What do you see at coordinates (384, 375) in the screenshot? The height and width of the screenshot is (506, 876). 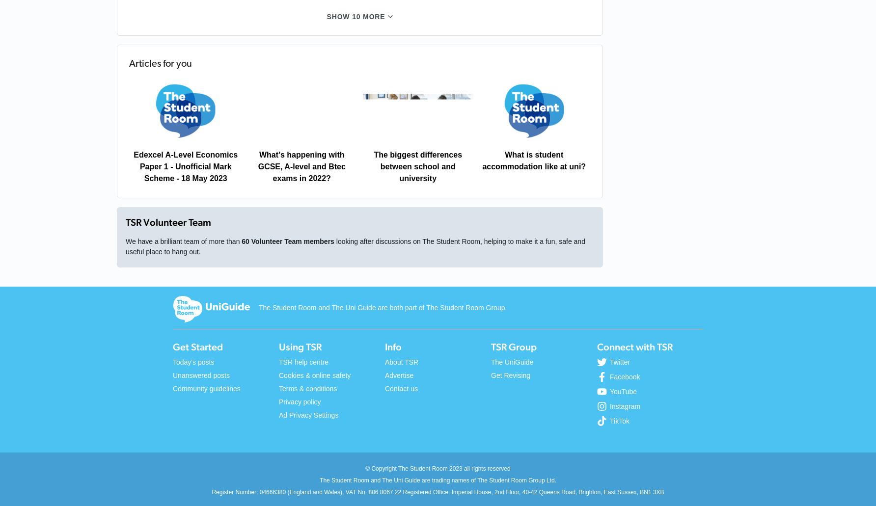 I see `'Advertise'` at bounding box center [384, 375].